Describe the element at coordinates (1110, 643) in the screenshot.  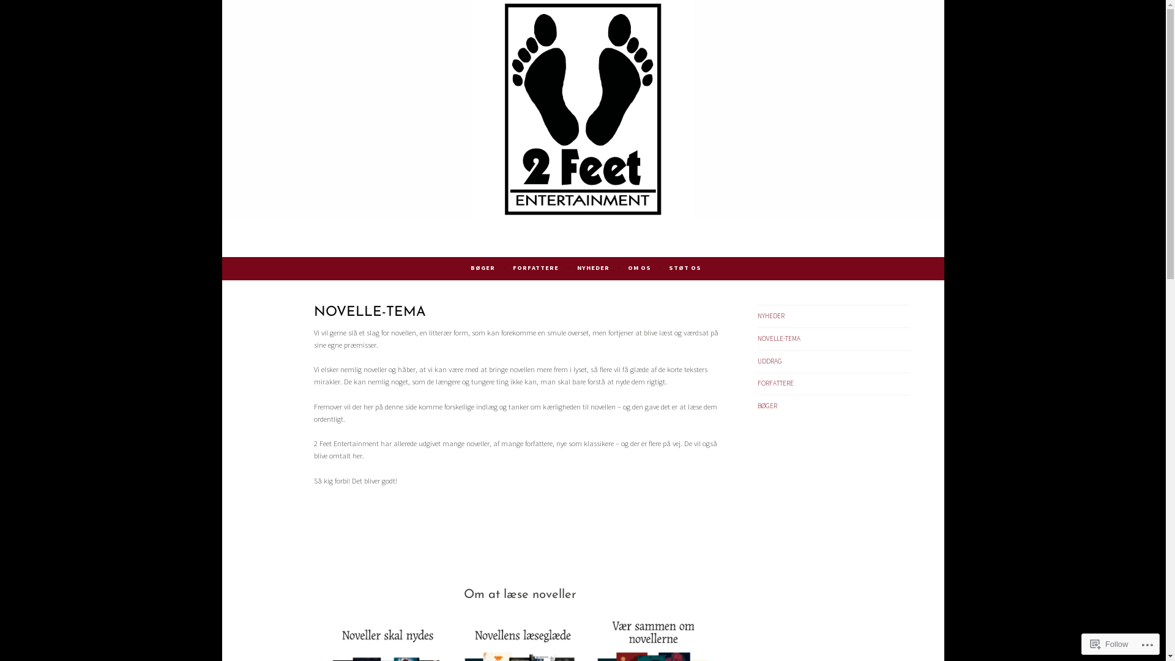
I see `'Follow'` at that location.